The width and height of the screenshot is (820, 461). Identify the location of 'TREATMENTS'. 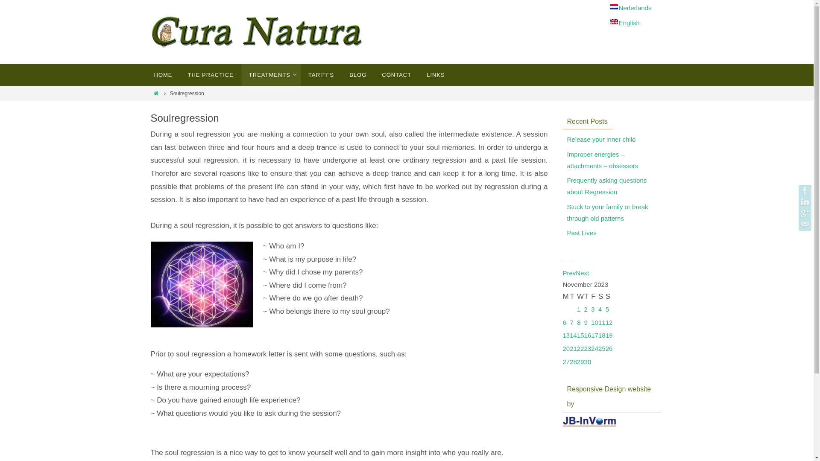
(270, 75).